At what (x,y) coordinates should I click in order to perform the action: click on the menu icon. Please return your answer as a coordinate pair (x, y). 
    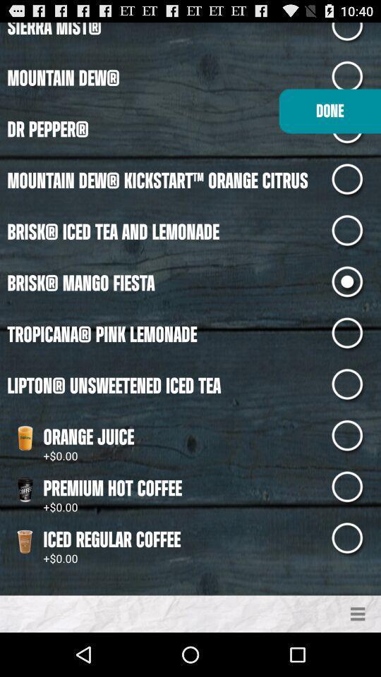
    Looking at the image, I should click on (358, 657).